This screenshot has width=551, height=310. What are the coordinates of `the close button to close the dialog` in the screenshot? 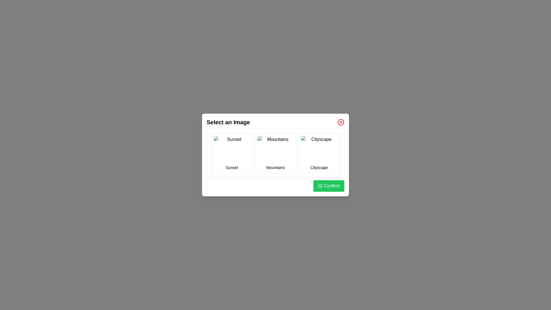 It's located at (341, 122).